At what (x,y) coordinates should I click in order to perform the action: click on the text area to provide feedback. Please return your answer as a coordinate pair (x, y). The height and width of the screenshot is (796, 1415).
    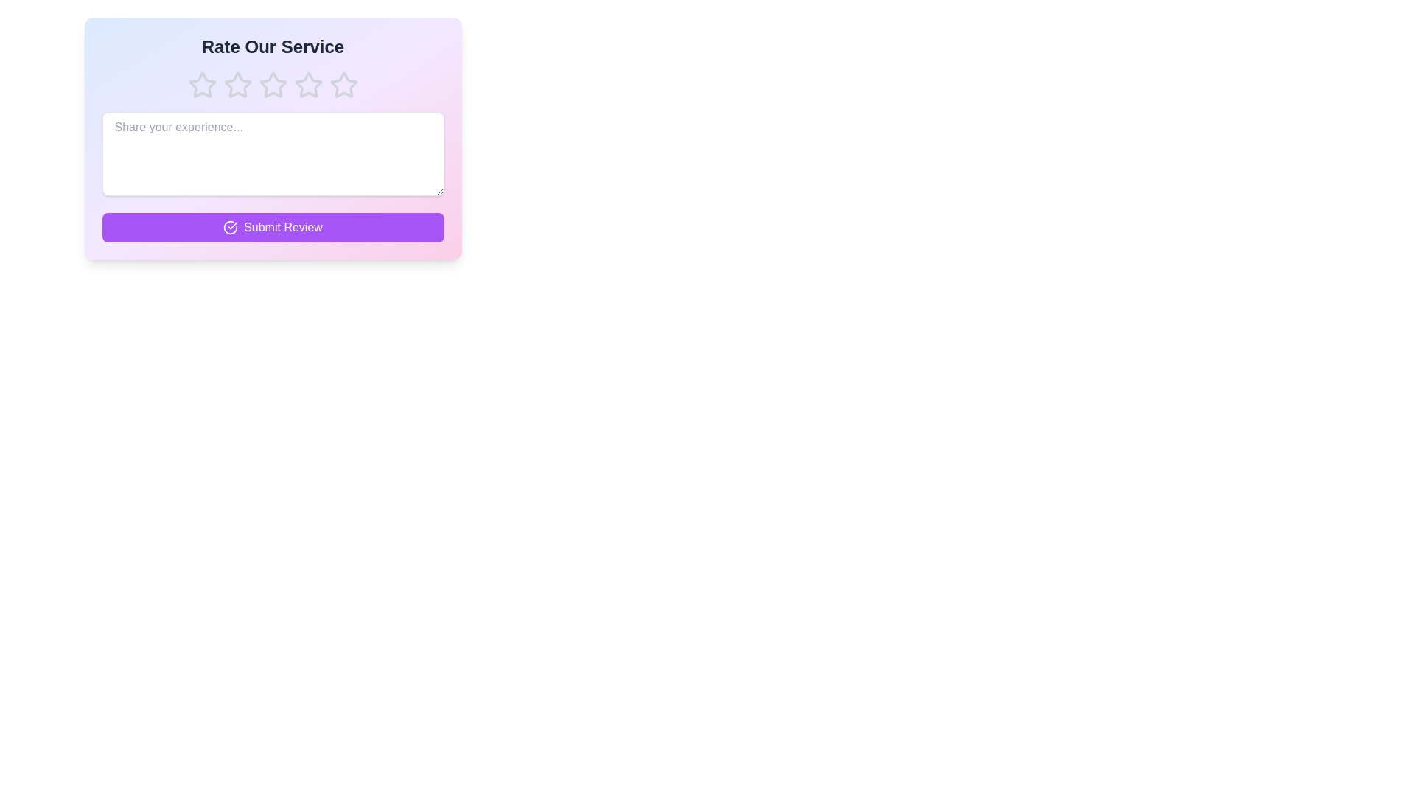
    Looking at the image, I should click on (273, 153).